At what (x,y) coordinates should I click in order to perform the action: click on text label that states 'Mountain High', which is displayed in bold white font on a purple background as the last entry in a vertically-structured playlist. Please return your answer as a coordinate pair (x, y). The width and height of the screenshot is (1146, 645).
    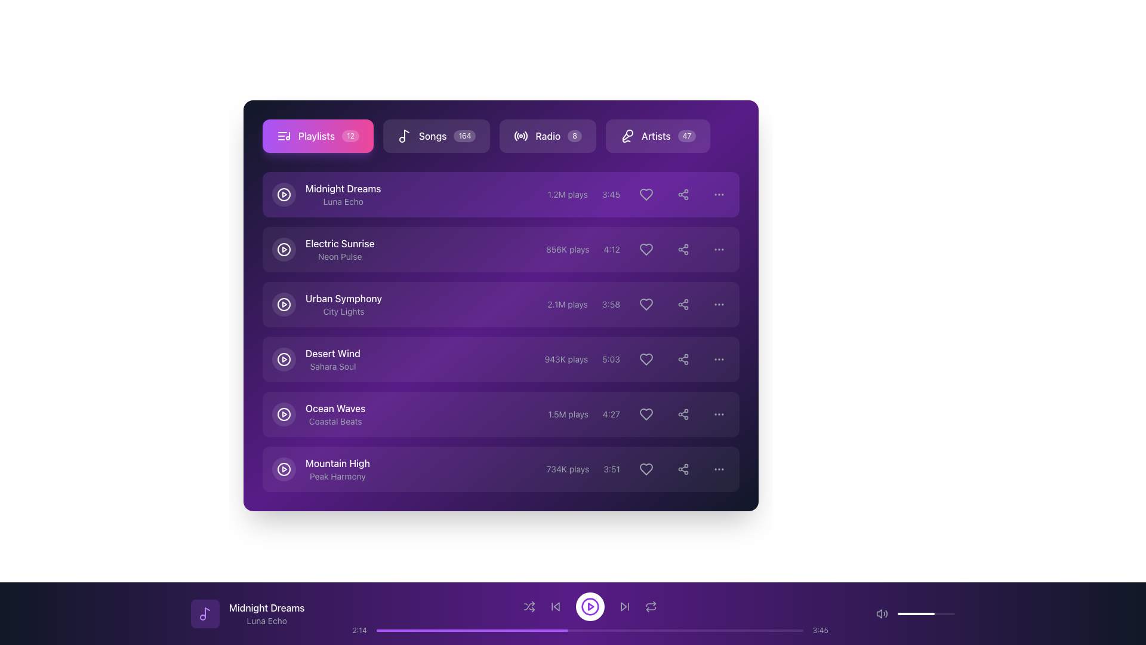
    Looking at the image, I should click on (337, 462).